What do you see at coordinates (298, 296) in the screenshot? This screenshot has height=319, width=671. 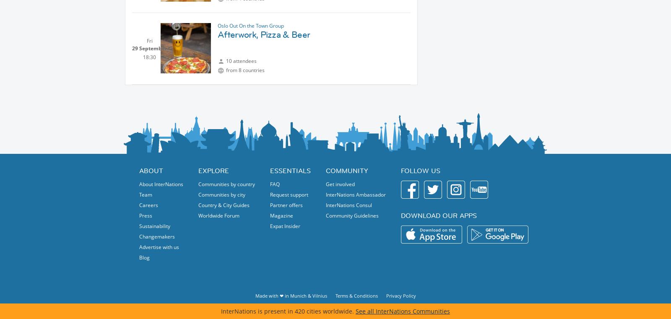 I see `'Munich'` at bounding box center [298, 296].